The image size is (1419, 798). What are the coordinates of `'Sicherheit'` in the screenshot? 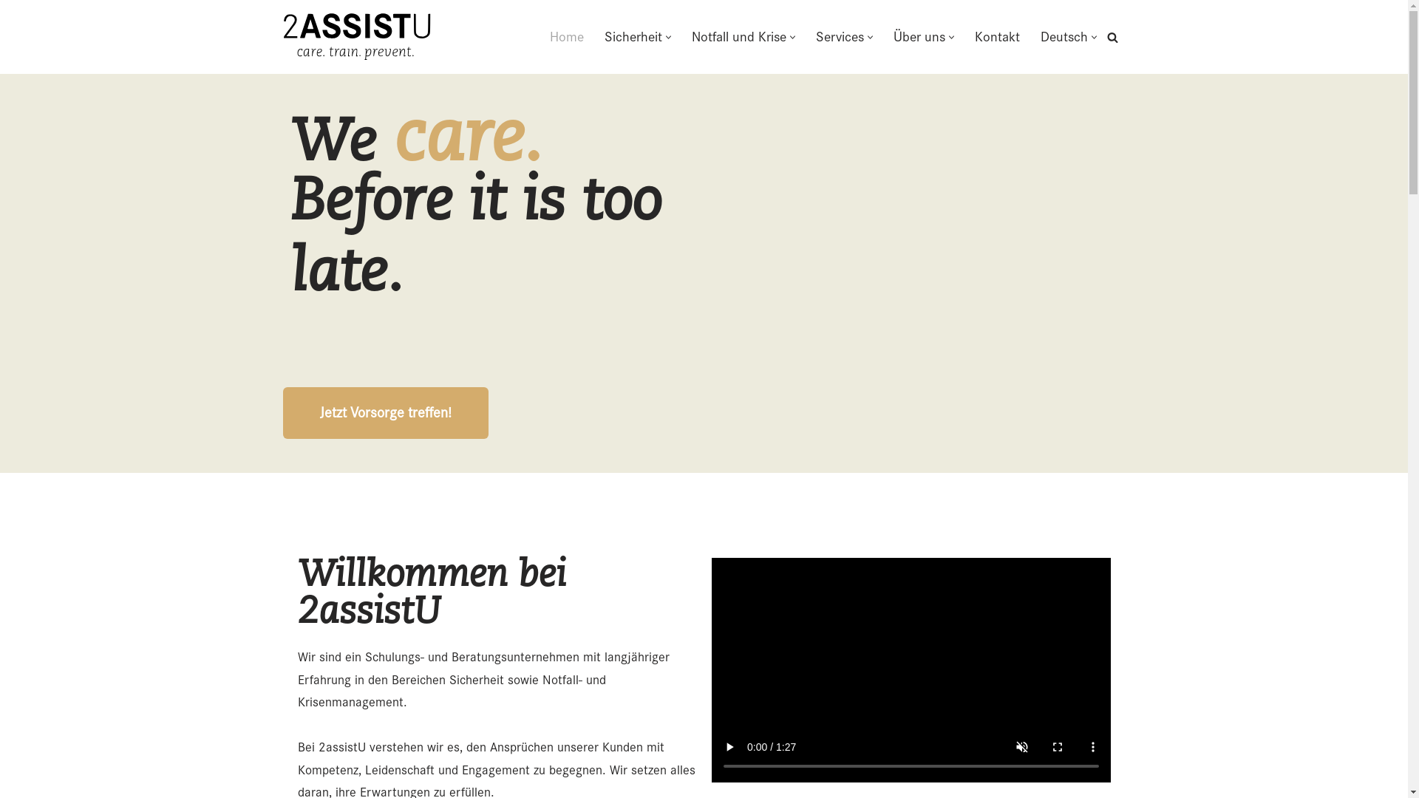 It's located at (633, 35).